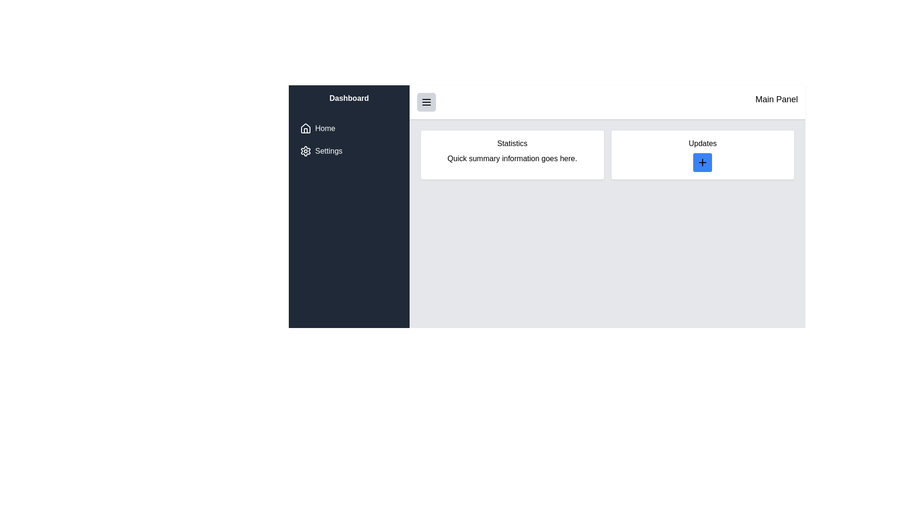 The image size is (906, 509). I want to click on the 'Home' icon in the left sidebar menu, so click(306, 128).